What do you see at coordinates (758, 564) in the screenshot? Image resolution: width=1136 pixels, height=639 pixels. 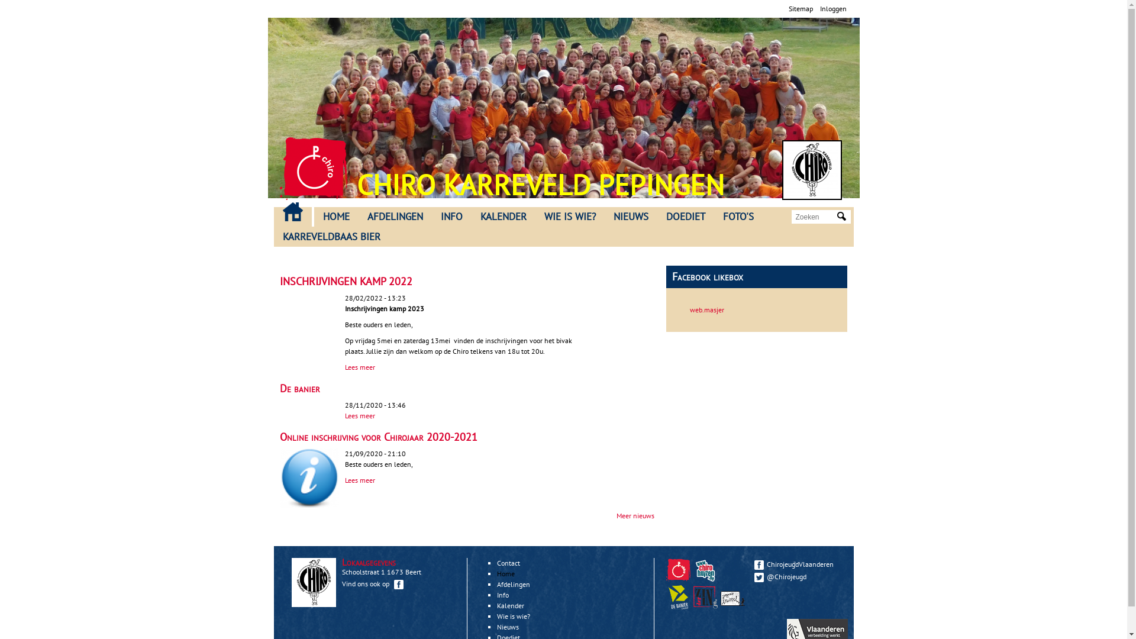 I see `'Facebook'` at bounding box center [758, 564].